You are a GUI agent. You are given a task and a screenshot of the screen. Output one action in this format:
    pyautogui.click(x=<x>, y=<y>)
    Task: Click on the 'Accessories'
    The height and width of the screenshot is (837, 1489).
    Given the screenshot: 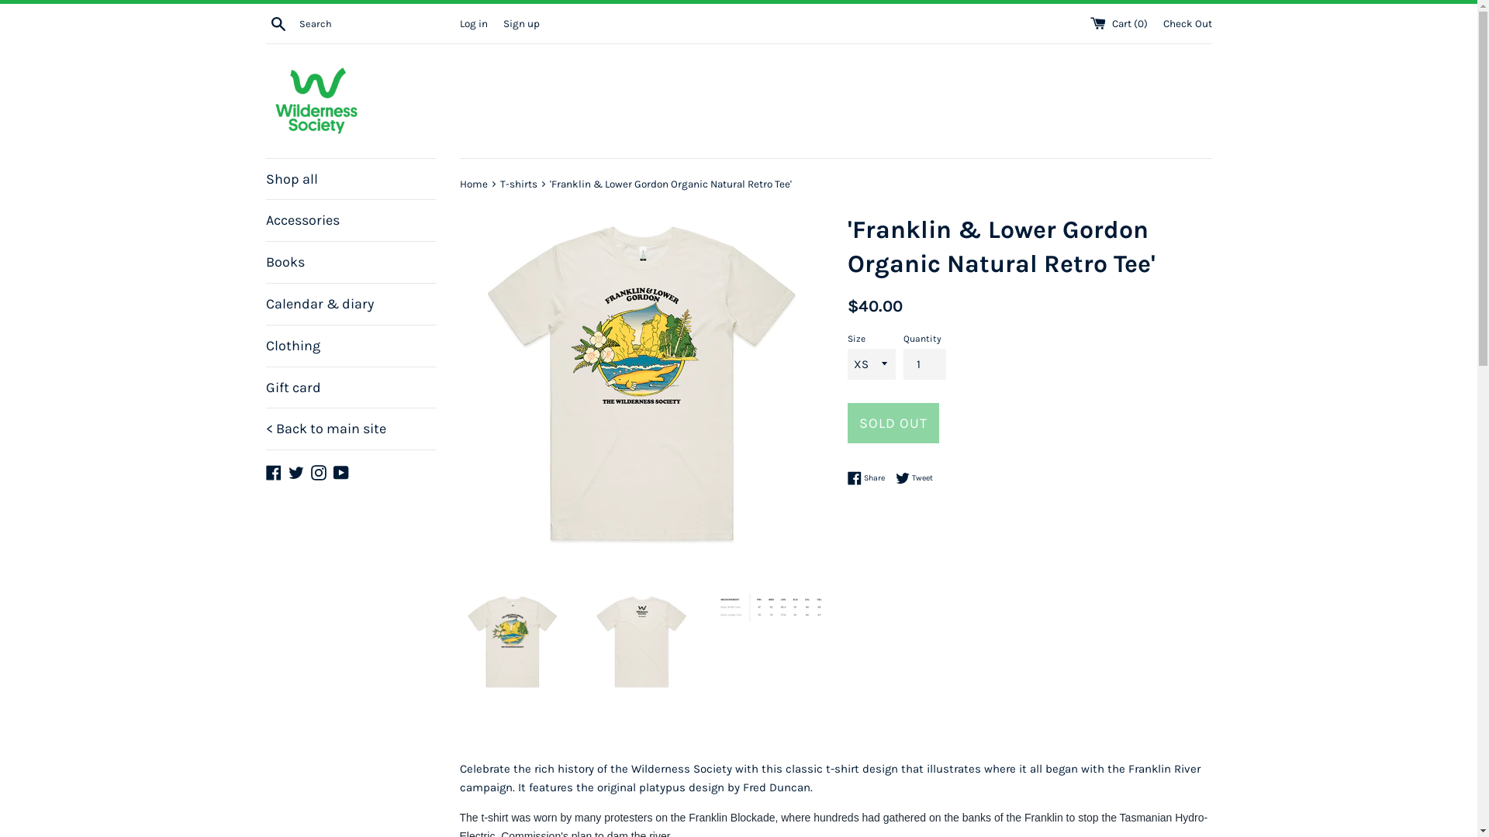 What is the action you would take?
    pyautogui.click(x=349, y=220)
    